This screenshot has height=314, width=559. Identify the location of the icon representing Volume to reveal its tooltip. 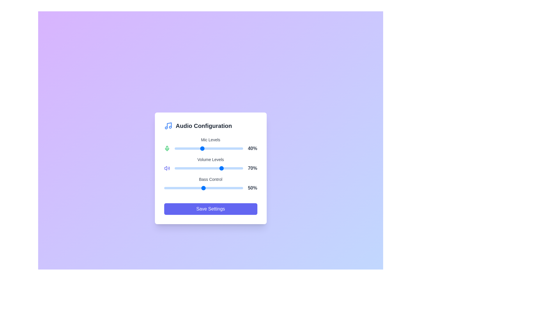
(167, 168).